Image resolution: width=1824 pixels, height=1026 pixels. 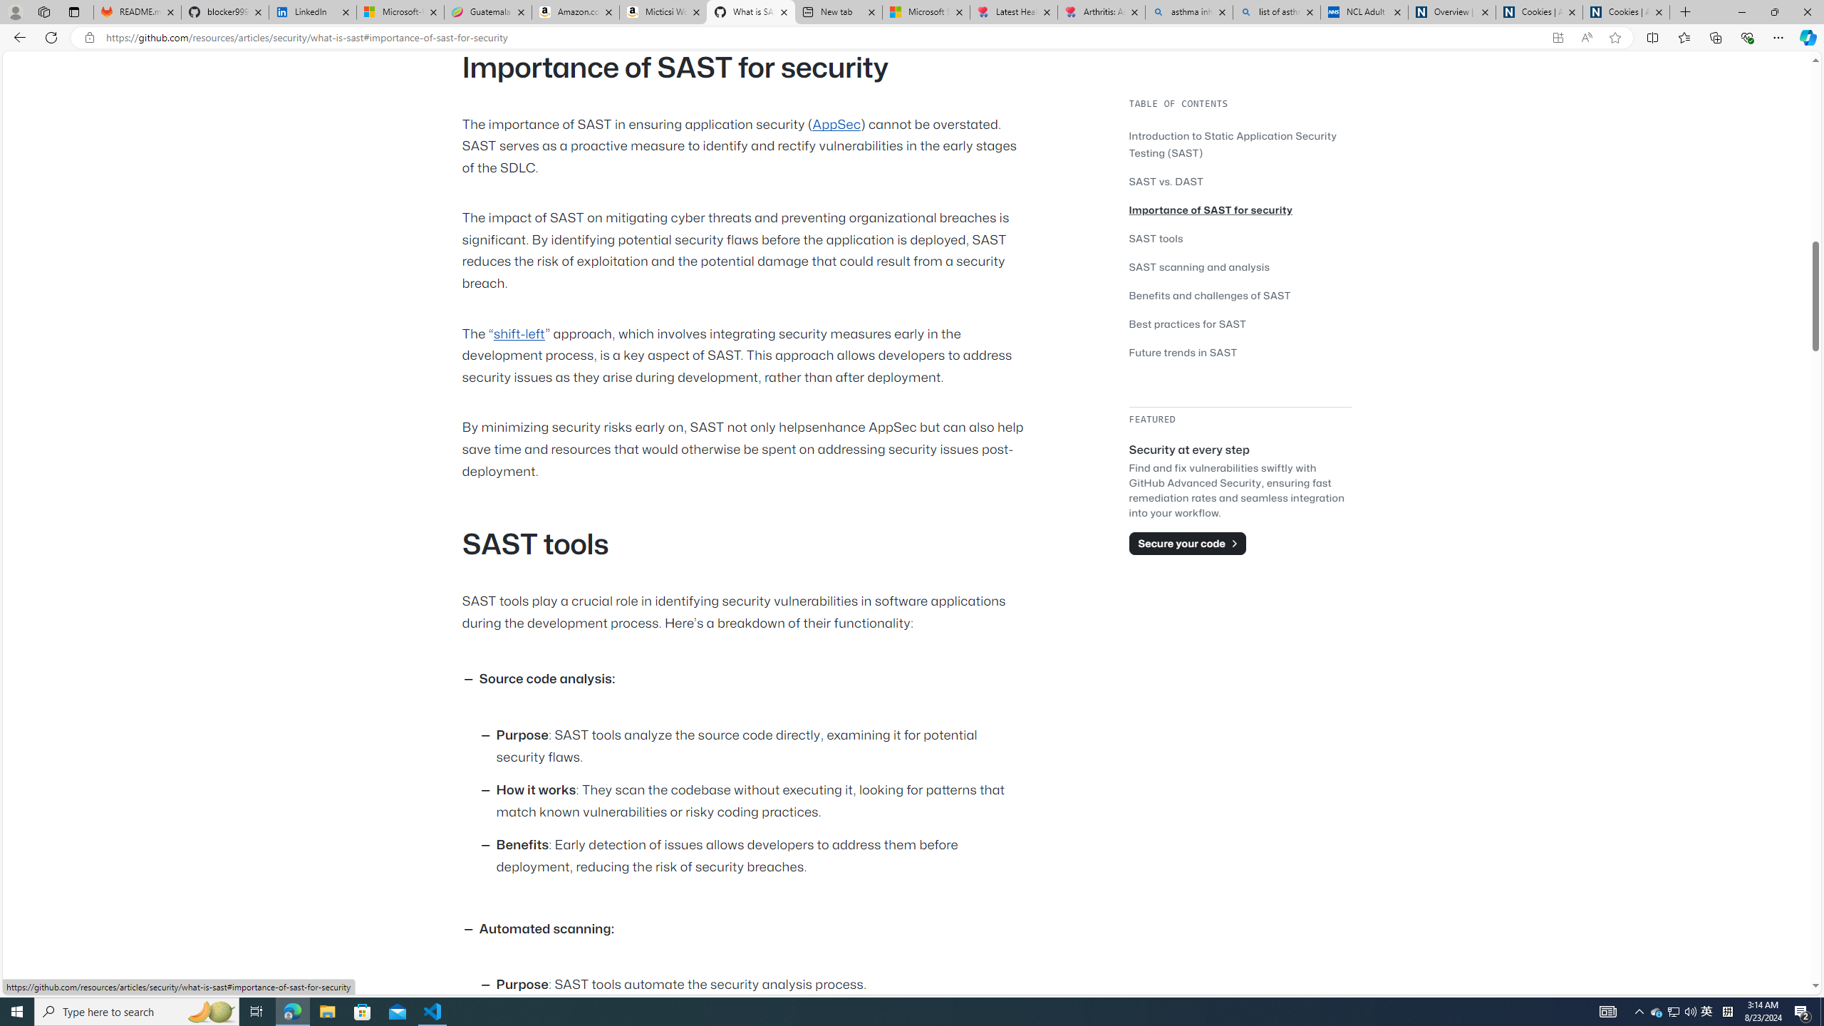 What do you see at coordinates (1240, 294) in the screenshot?
I see `'Benefits and challenges of SAST'` at bounding box center [1240, 294].